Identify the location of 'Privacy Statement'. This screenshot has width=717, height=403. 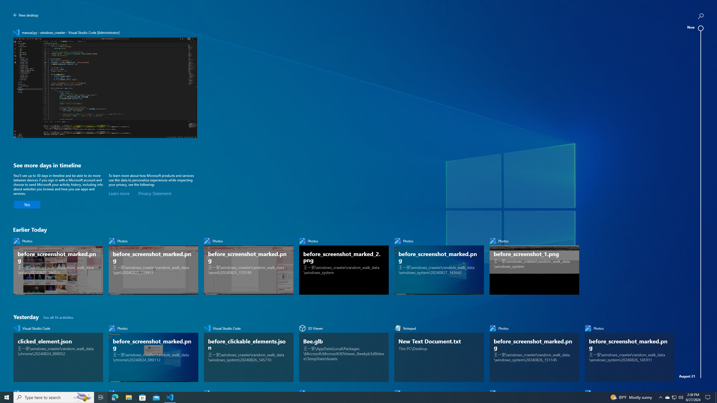
(154, 193).